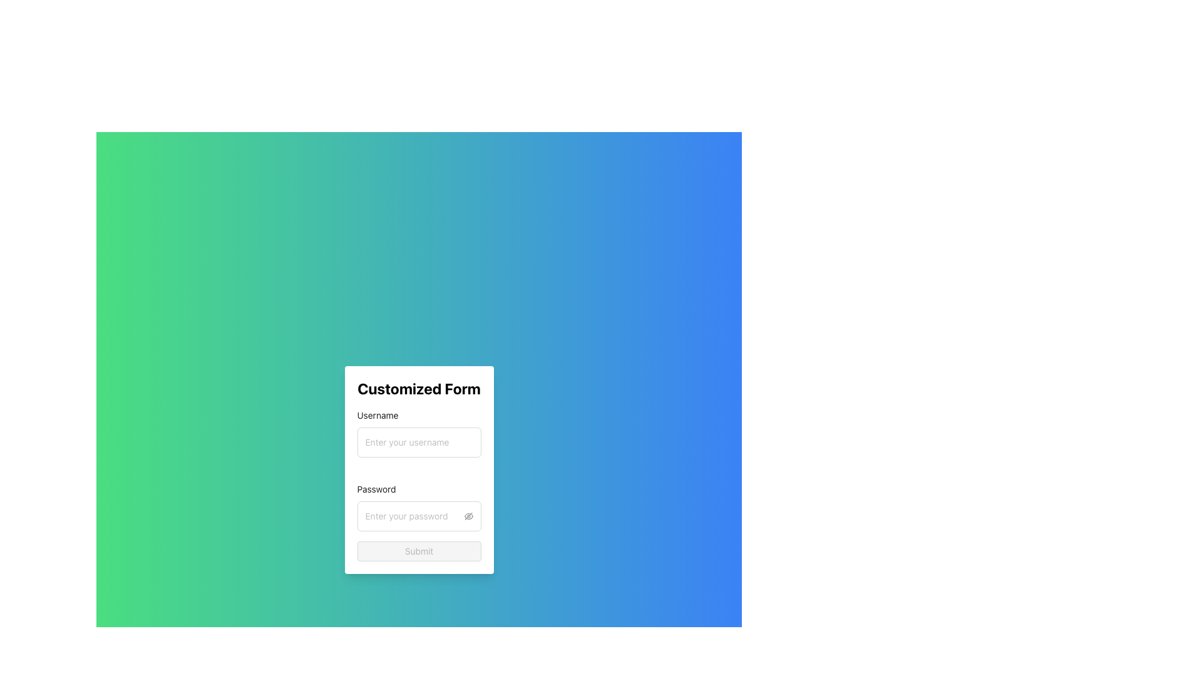  What do you see at coordinates (468, 516) in the screenshot?
I see `the icon for toggling password visibility located at the right end of the password input field to show or hide the password text` at bounding box center [468, 516].